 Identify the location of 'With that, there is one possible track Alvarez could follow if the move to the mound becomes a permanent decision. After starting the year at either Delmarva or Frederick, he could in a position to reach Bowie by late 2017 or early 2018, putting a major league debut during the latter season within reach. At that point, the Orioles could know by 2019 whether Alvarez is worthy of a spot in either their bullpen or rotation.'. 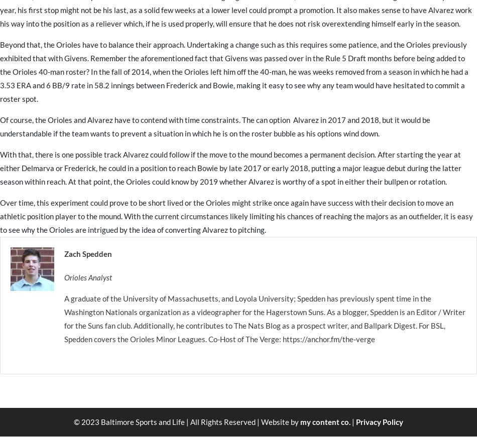
(0, 167).